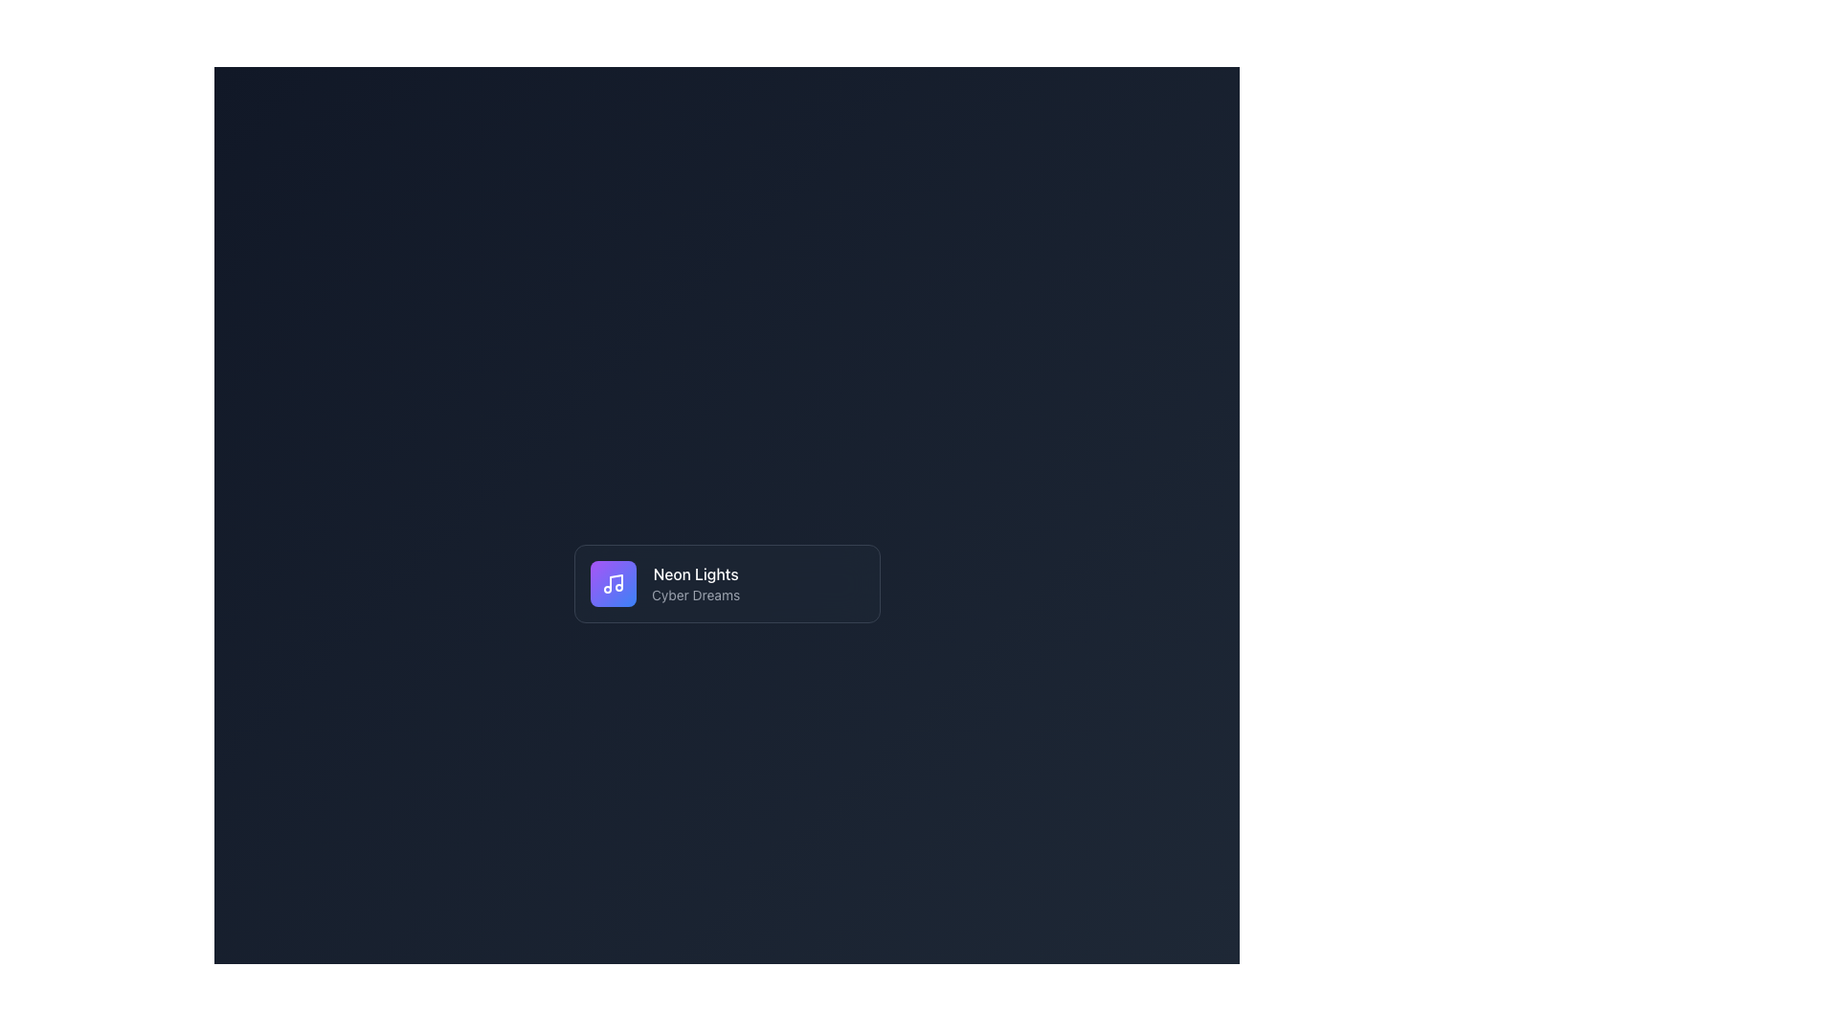 The image size is (1838, 1034). Describe the element at coordinates (694, 594) in the screenshot. I see `text label containing 'Cyber Dreams' which is styled in gray and positioned below 'Neon Lights' in the bottom-right portion of the interface` at that location.